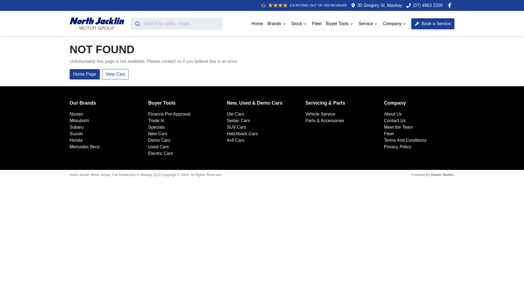 The height and width of the screenshot is (295, 524). I want to click on 'Used Cars', so click(148, 146).